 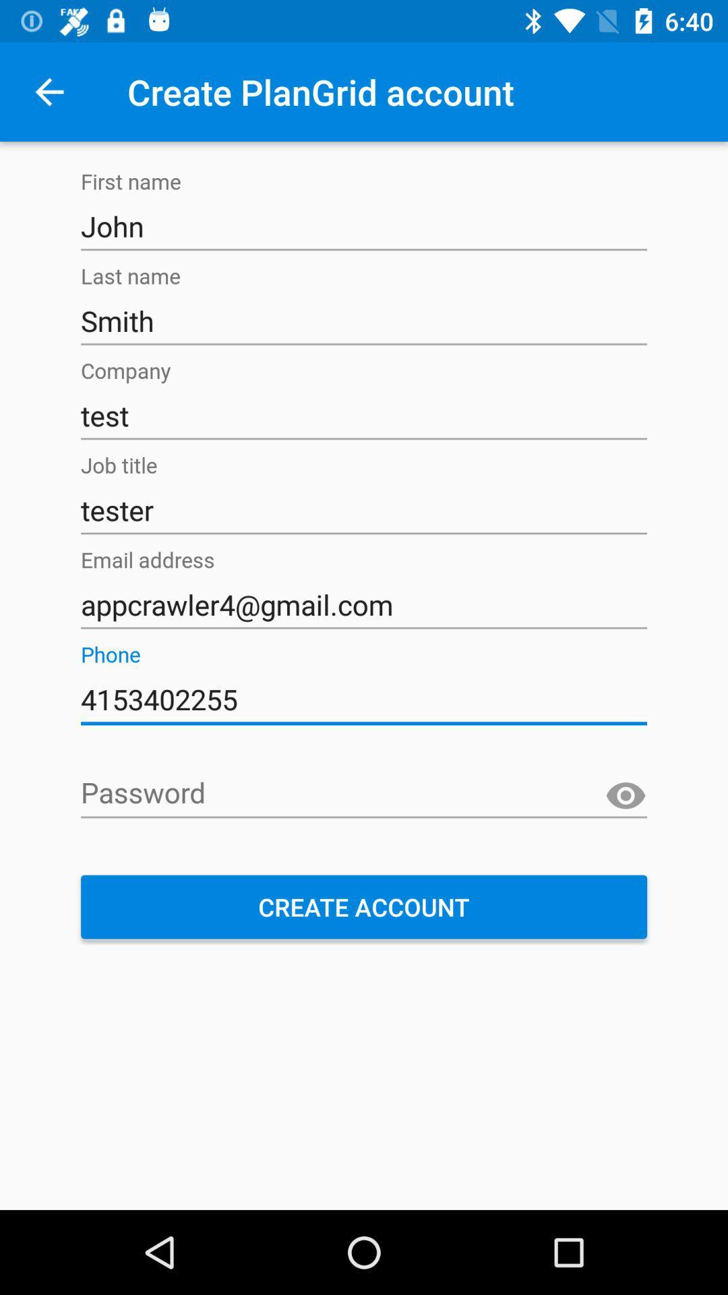 What do you see at coordinates (626, 796) in the screenshot?
I see `unmask password` at bounding box center [626, 796].